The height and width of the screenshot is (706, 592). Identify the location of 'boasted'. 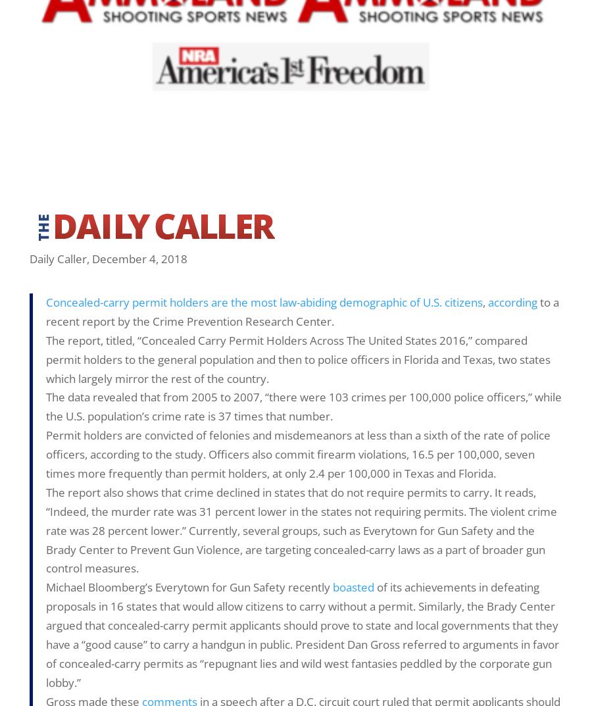
(353, 586).